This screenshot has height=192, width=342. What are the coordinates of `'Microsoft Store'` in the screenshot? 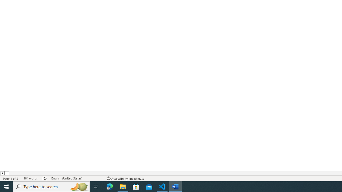 It's located at (136, 186).